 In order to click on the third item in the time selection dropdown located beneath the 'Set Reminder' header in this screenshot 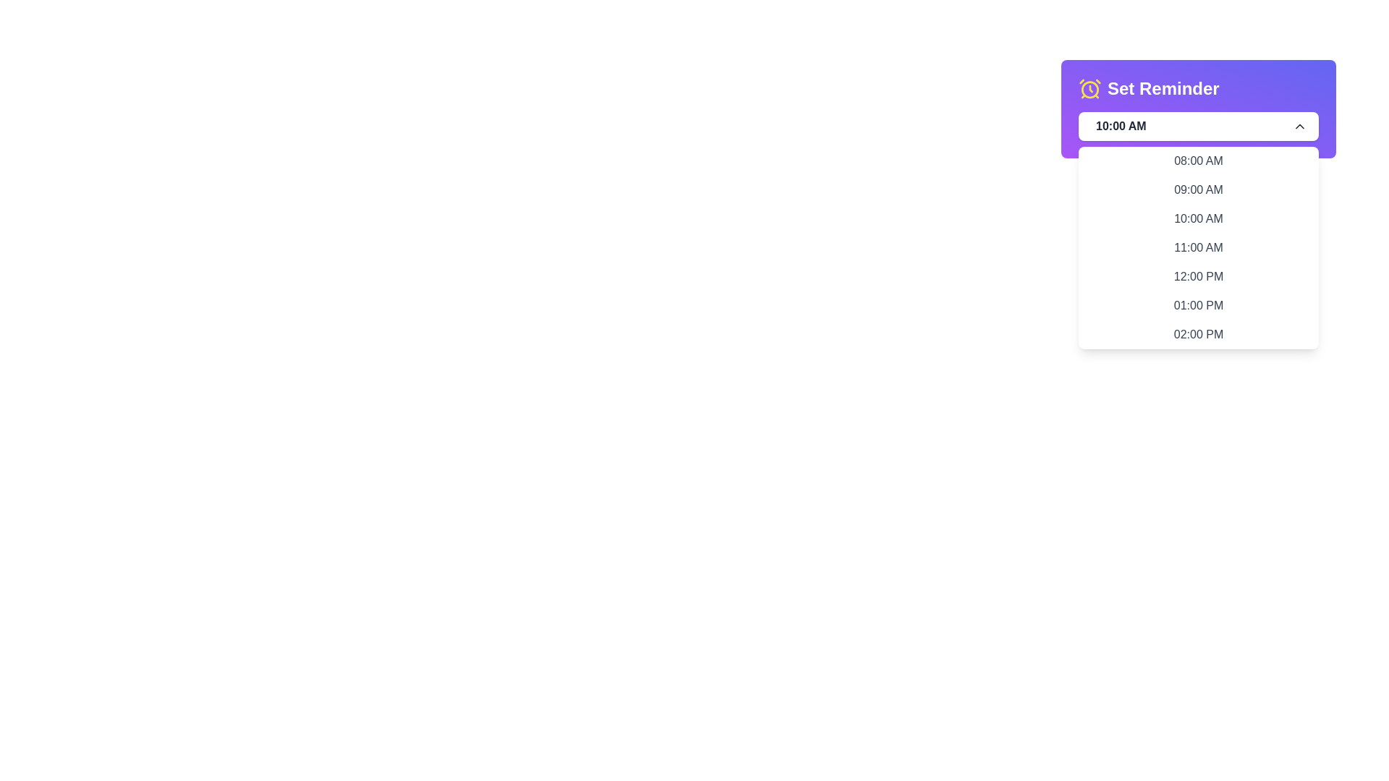, I will do `click(1198, 219)`.